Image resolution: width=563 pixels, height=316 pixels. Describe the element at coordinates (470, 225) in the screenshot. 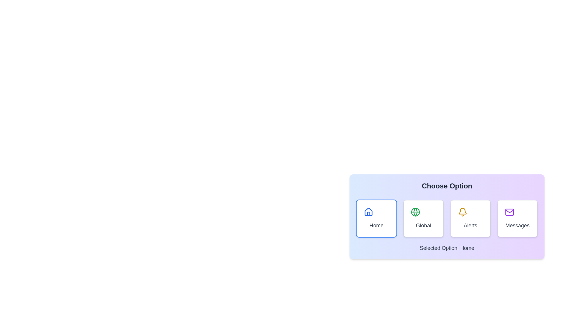

I see `the text label that serves as an indicator for its corresponding option, positioned as the third item between 'Global' and 'Messages'` at that location.